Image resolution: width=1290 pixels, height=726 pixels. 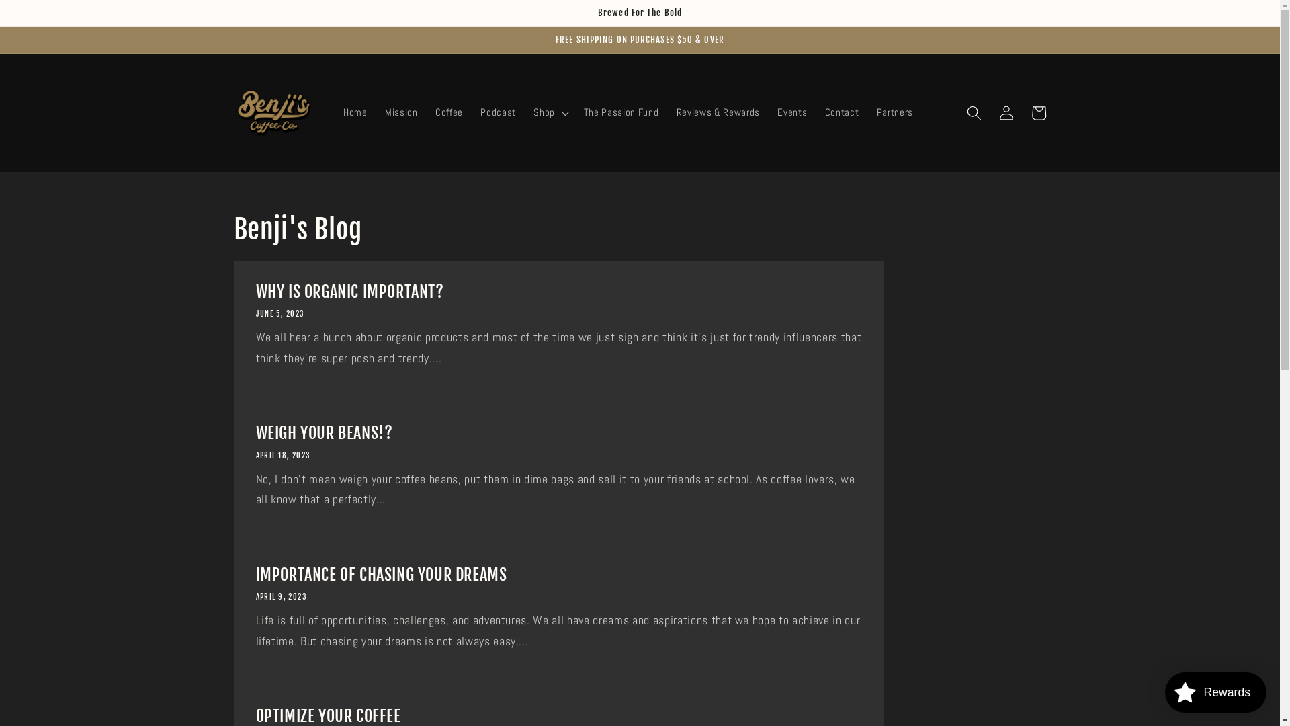 I want to click on 'Podcast', so click(x=497, y=112).